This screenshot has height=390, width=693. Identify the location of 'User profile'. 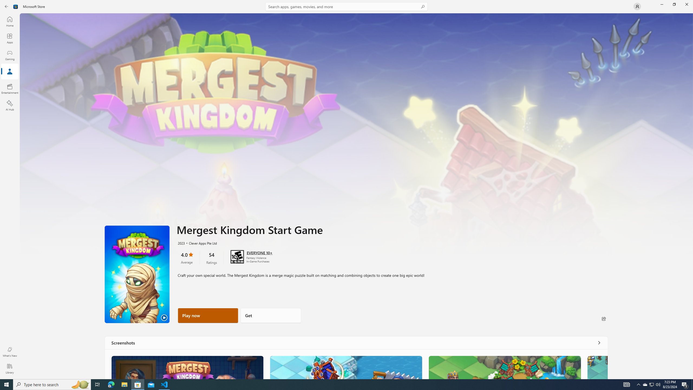
(637, 6).